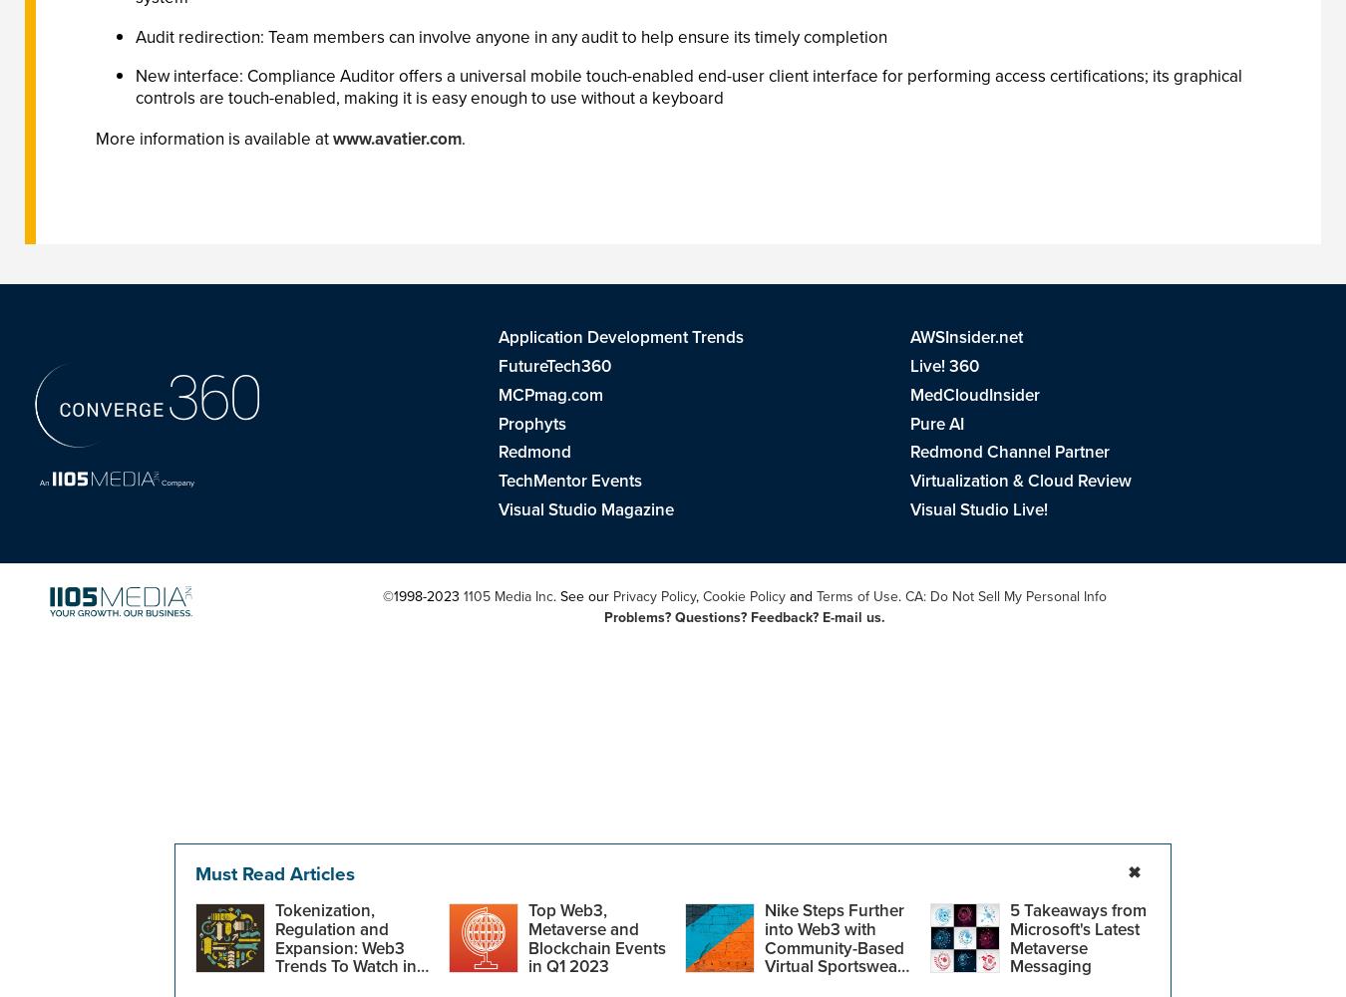 The image size is (1346, 997). What do you see at coordinates (697, 594) in the screenshot?
I see `','` at bounding box center [697, 594].